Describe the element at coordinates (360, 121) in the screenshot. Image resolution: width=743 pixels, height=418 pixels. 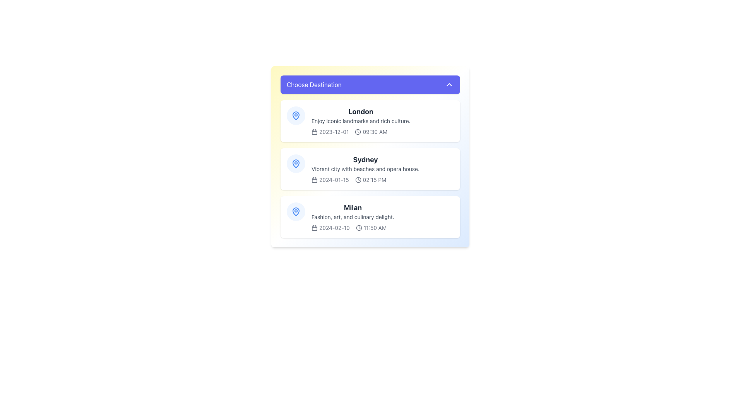
I see `text element containing 'Enjoy iconic landmarks and rich culture.' located below the 'London' heading in the card-like structure` at that location.